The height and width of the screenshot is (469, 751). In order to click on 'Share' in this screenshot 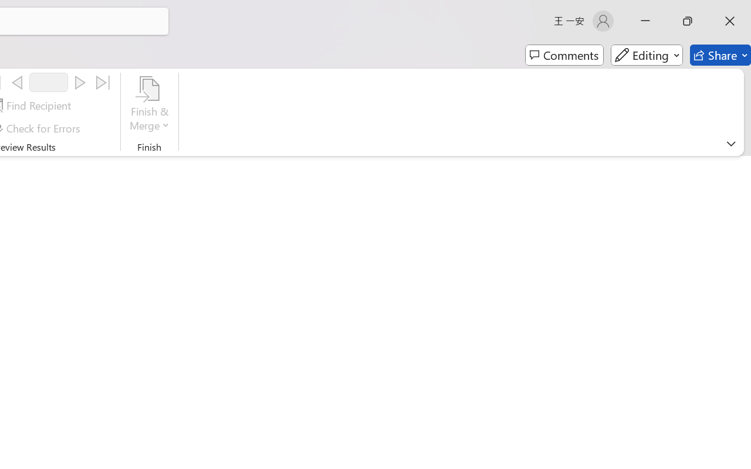, I will do `click(720, 55)`.